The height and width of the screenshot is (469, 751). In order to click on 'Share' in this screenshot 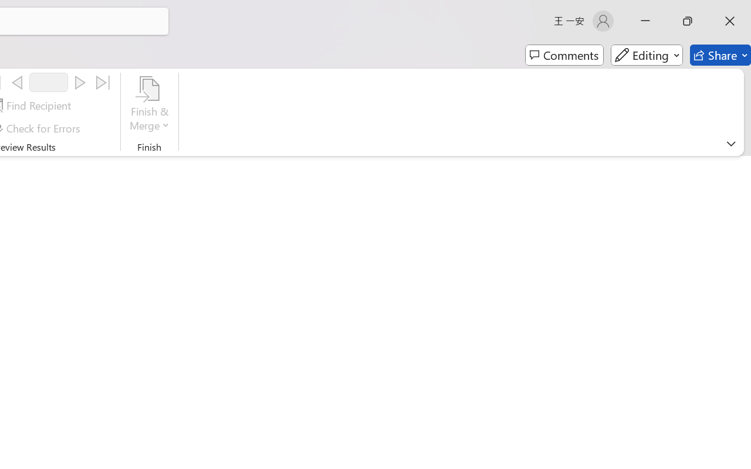, I will do `click(720, 55)`.